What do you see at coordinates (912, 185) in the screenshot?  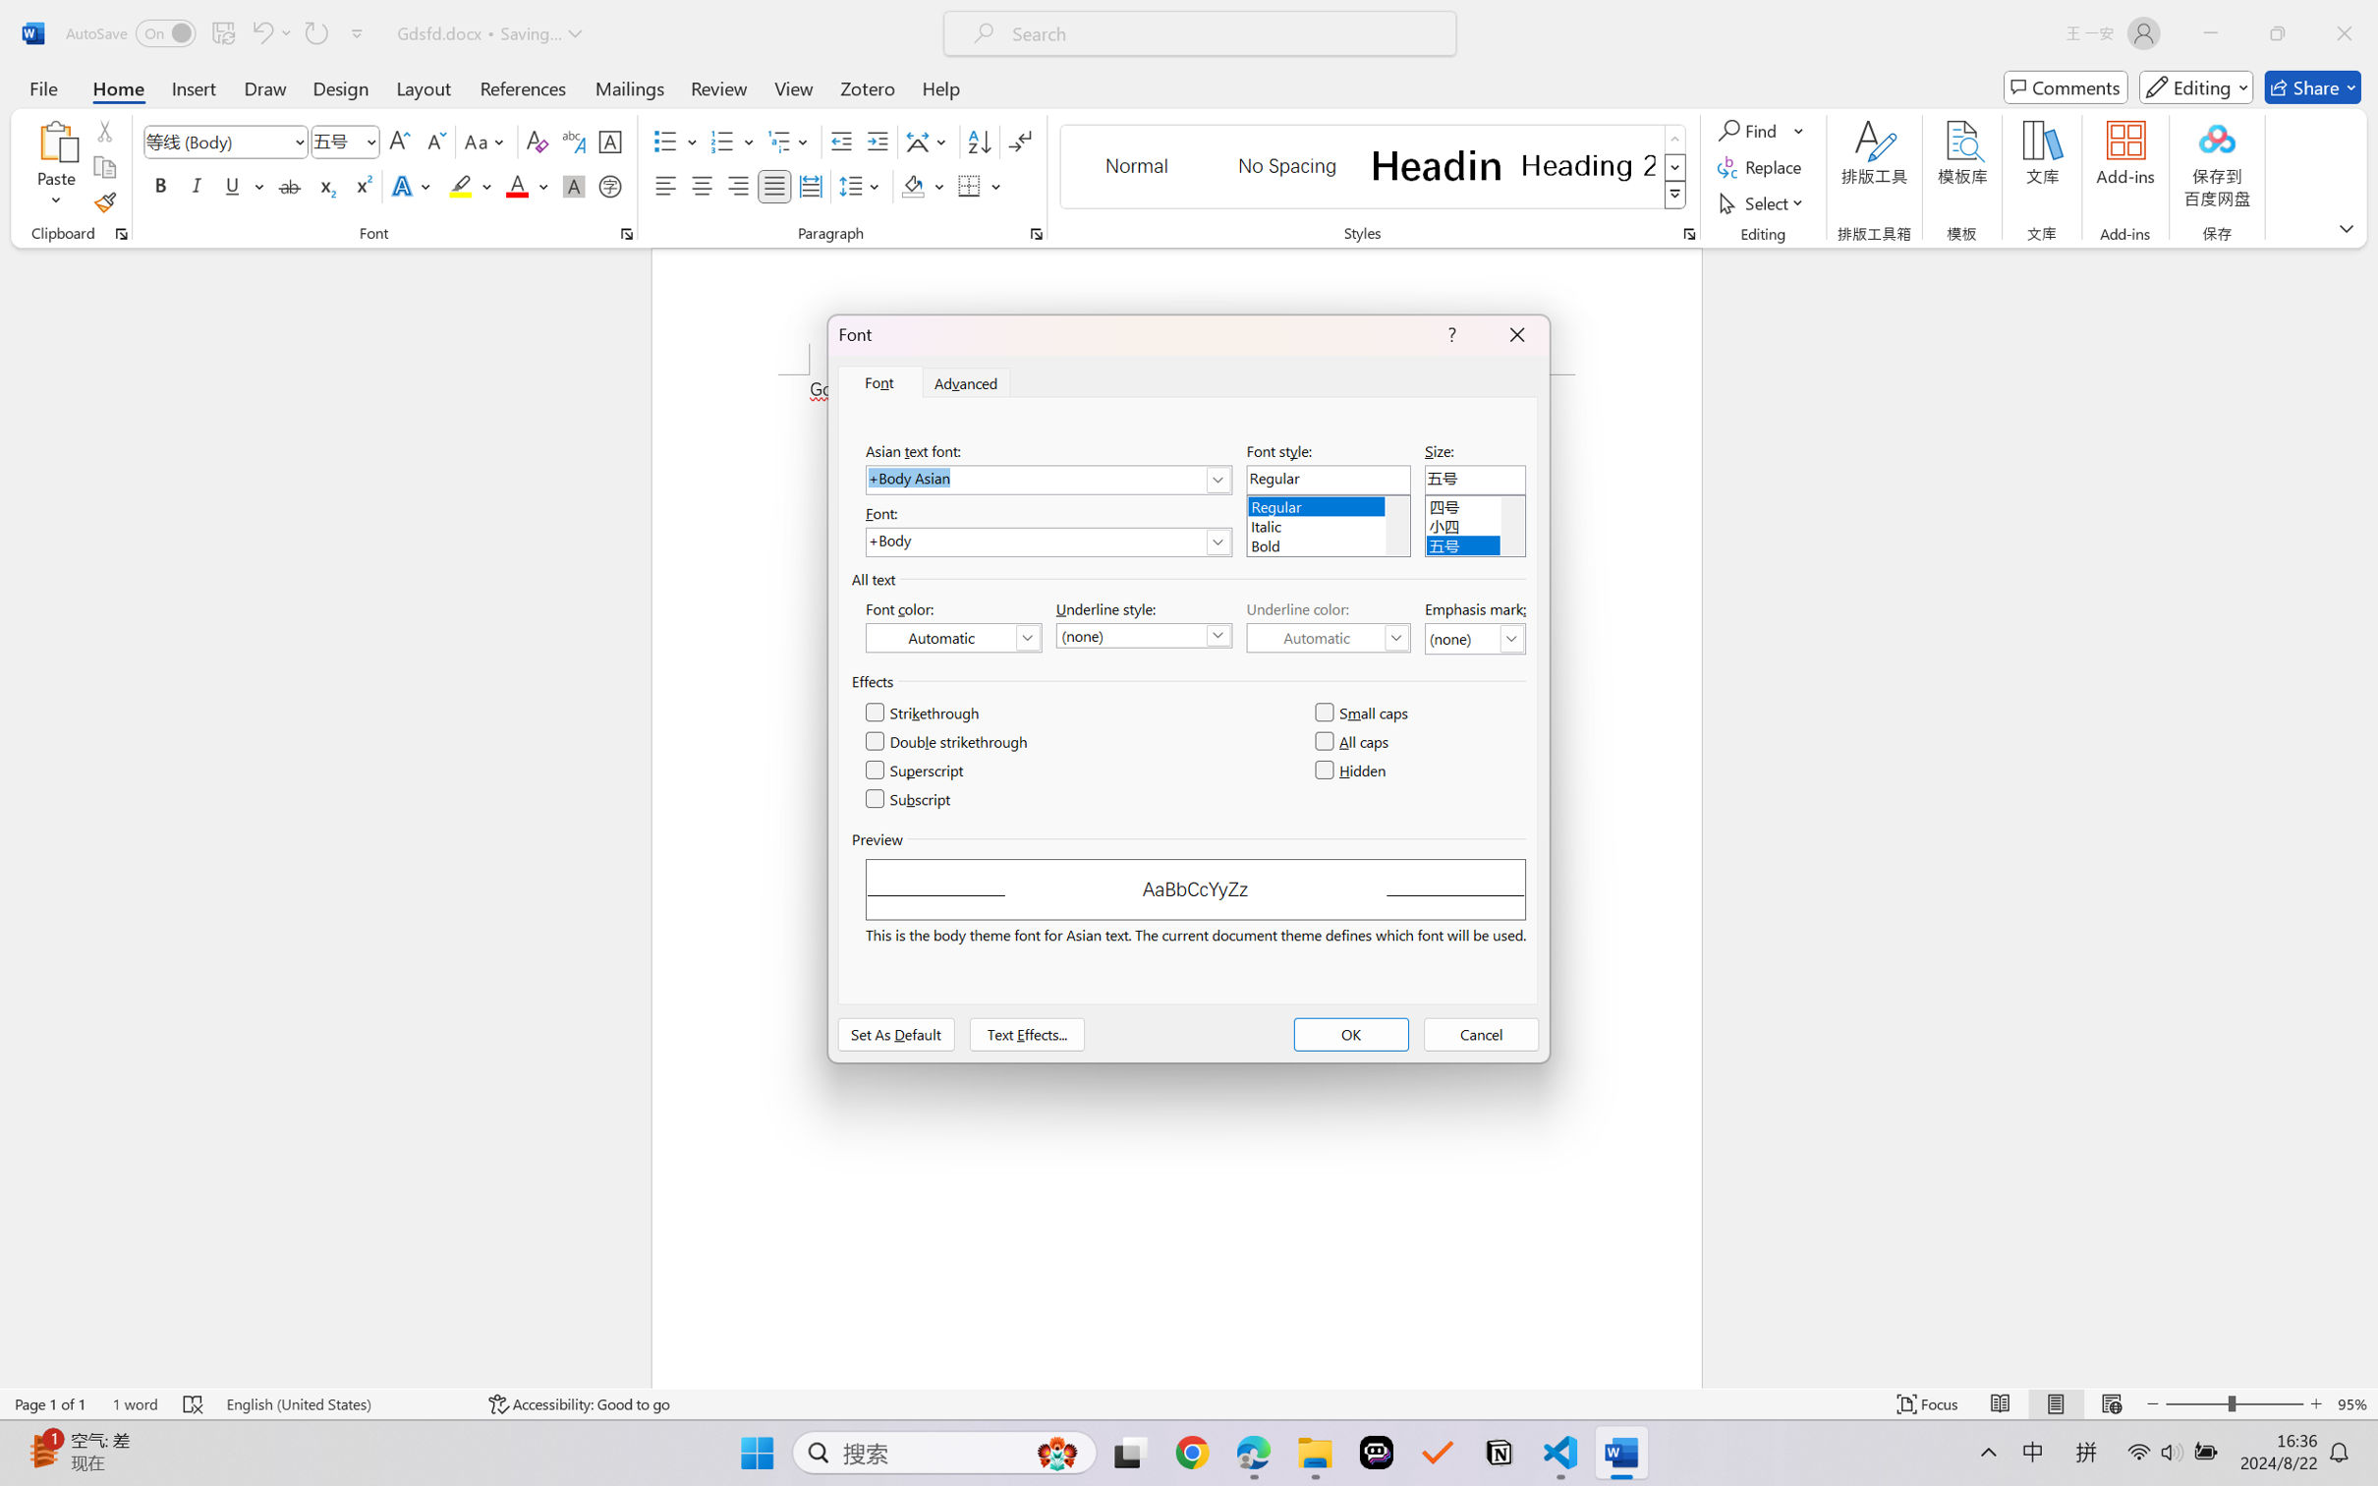 I see `'Shading RGB(0, 0, 0)'` at bounding box center [912, 185].